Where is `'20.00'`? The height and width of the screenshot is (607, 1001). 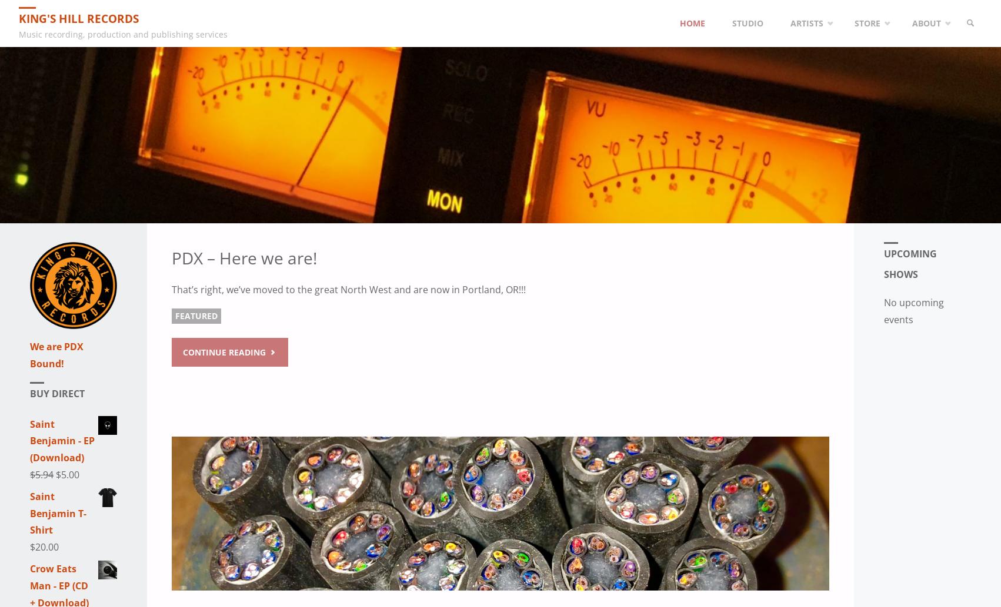 '20.00' is located at coordinates (46, 546).